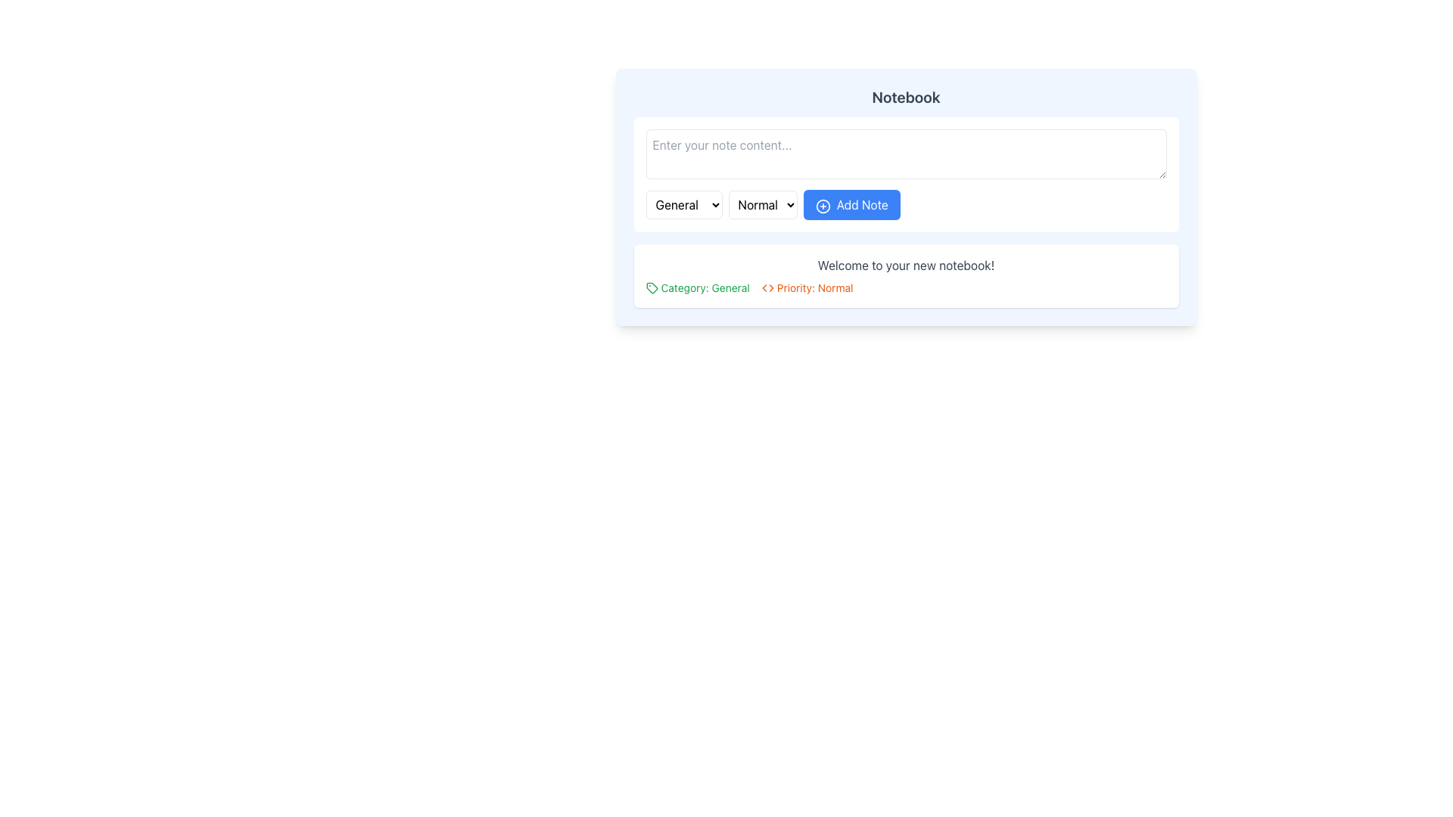 Image resolution: width=1453 pixels, height=817 pixels. I want to click on the compact icon resembling a code symbol with two arrow-like shapes pointing outward, located to the left of the text 'Priority: Normal', so click(767, 288).